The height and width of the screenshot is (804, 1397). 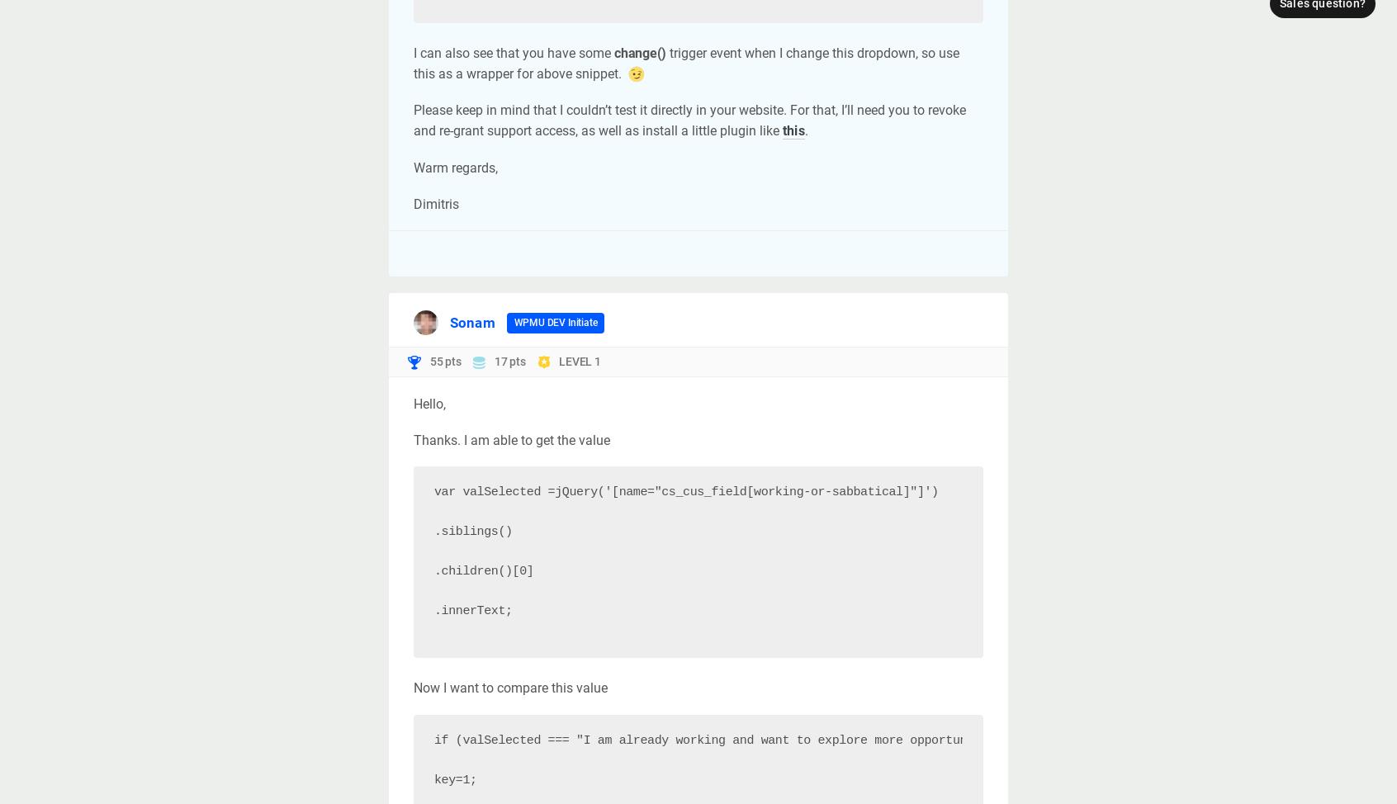 I want to click on '1', so click(x=593, y=360).